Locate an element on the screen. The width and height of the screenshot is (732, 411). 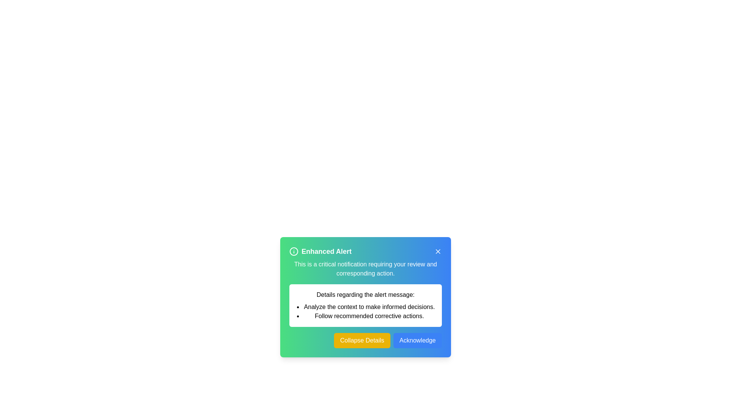
the close button located in the top-right corner of the notification dialog is located at coordinates (438, 251).